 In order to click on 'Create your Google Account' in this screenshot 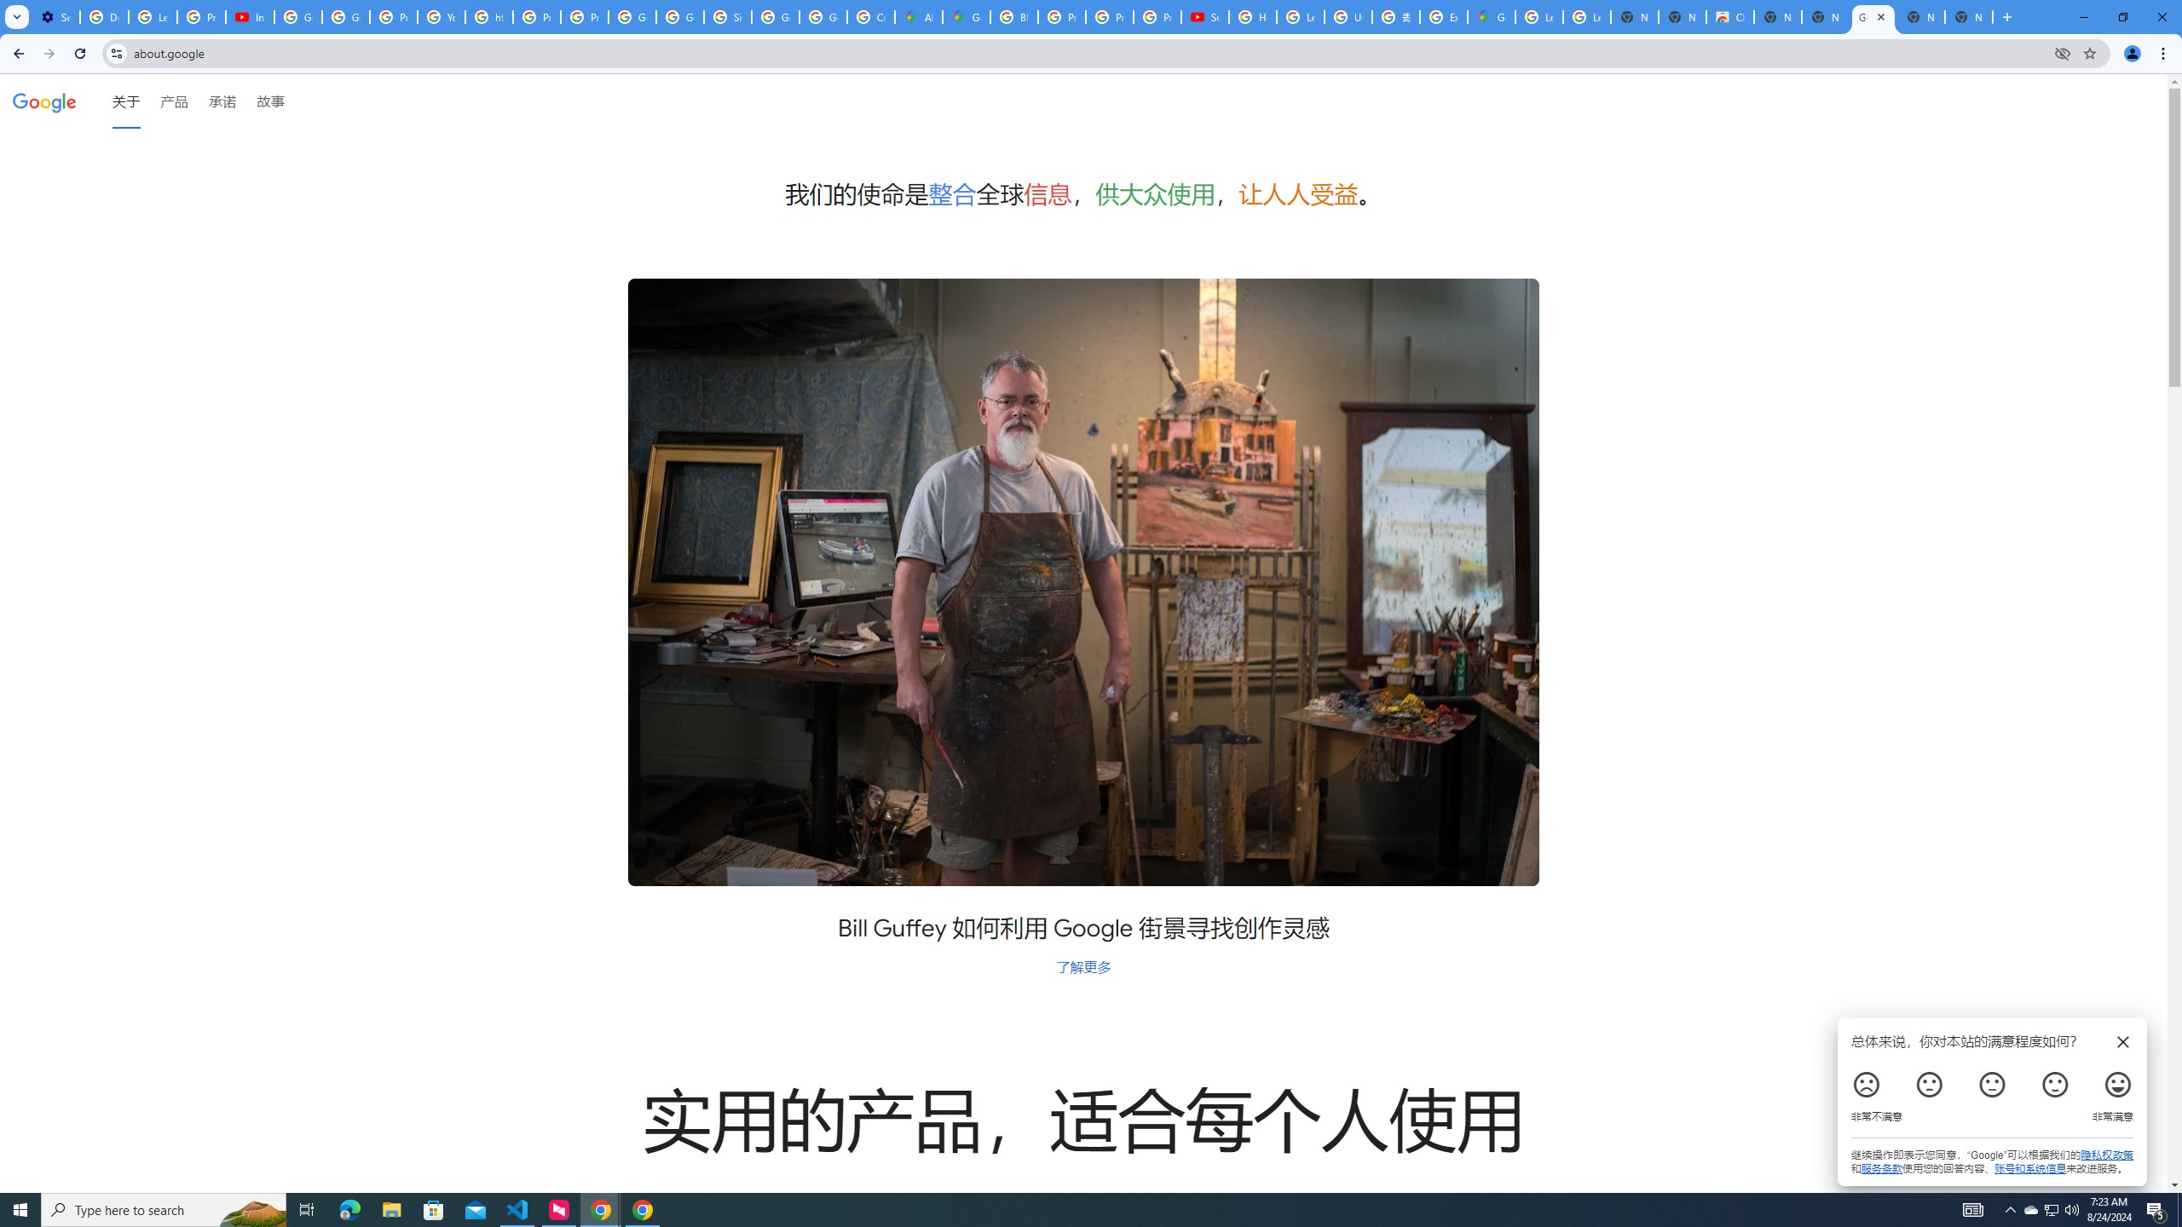, I will do `click(871, 16)`.